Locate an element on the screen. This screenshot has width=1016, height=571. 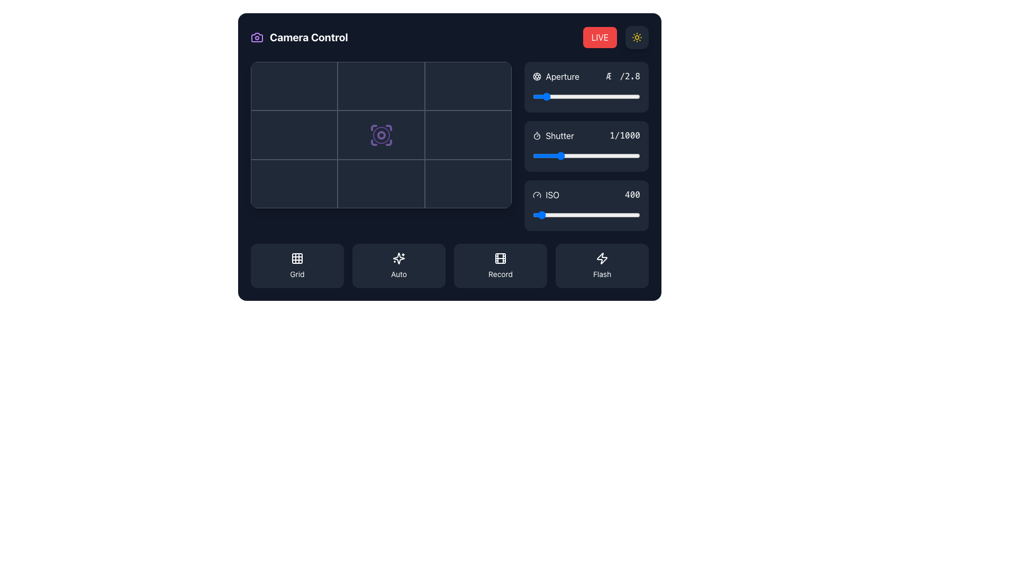
the Flash Icon located in the bottom row, fourth from the left is located at coordinates (602, 259).